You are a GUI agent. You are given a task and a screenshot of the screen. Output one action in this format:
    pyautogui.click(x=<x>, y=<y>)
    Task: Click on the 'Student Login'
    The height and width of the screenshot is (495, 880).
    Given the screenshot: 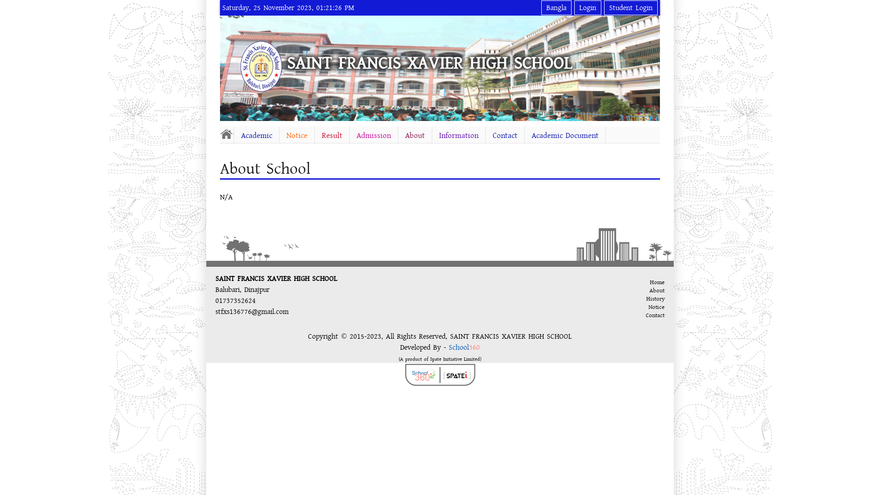 What is the action you would take?
    pyautogui.click(x=630, y=7)
    